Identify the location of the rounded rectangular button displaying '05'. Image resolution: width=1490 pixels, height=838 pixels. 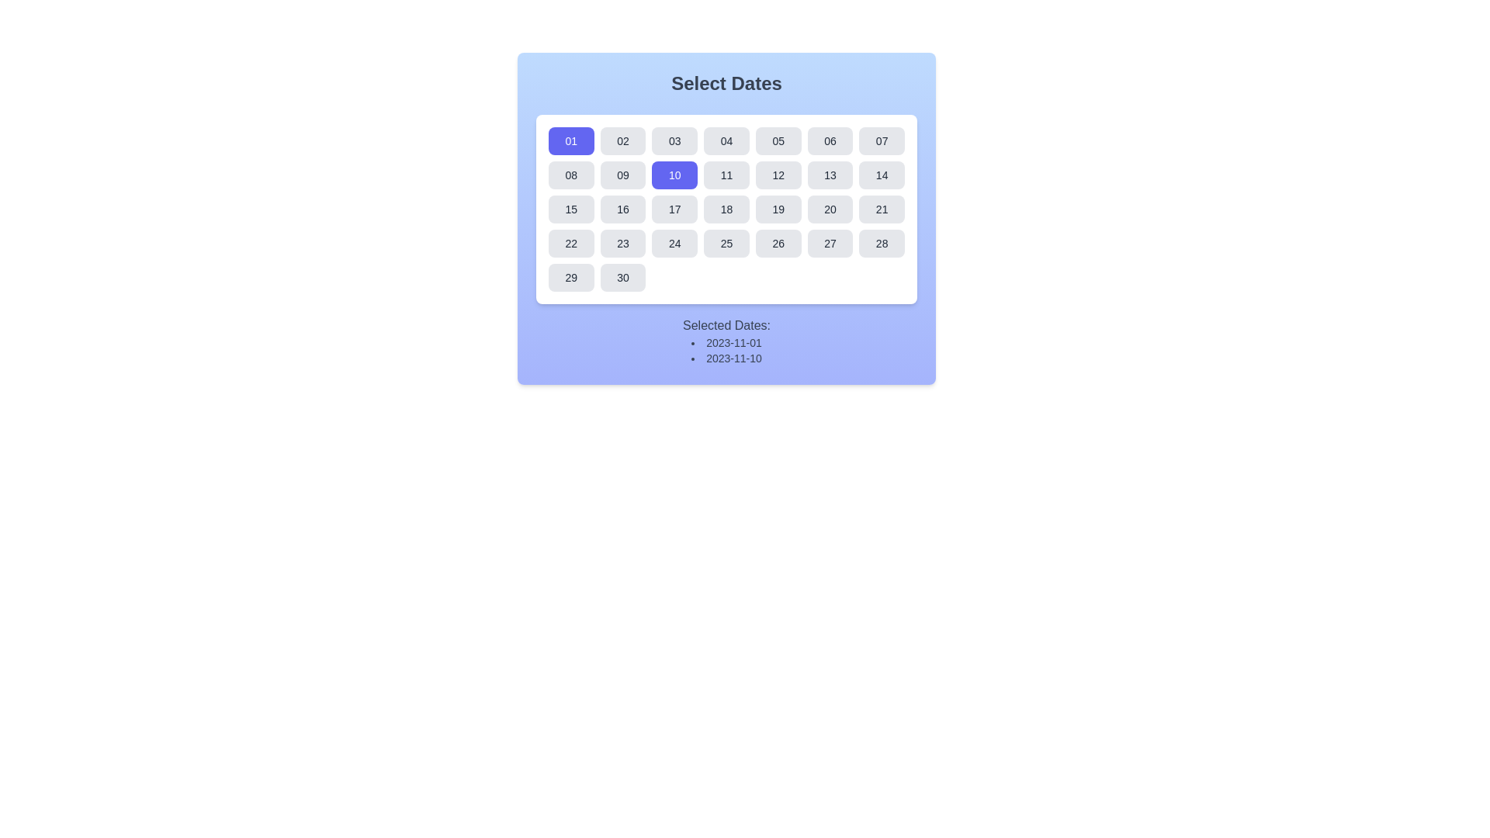
(778, 140).